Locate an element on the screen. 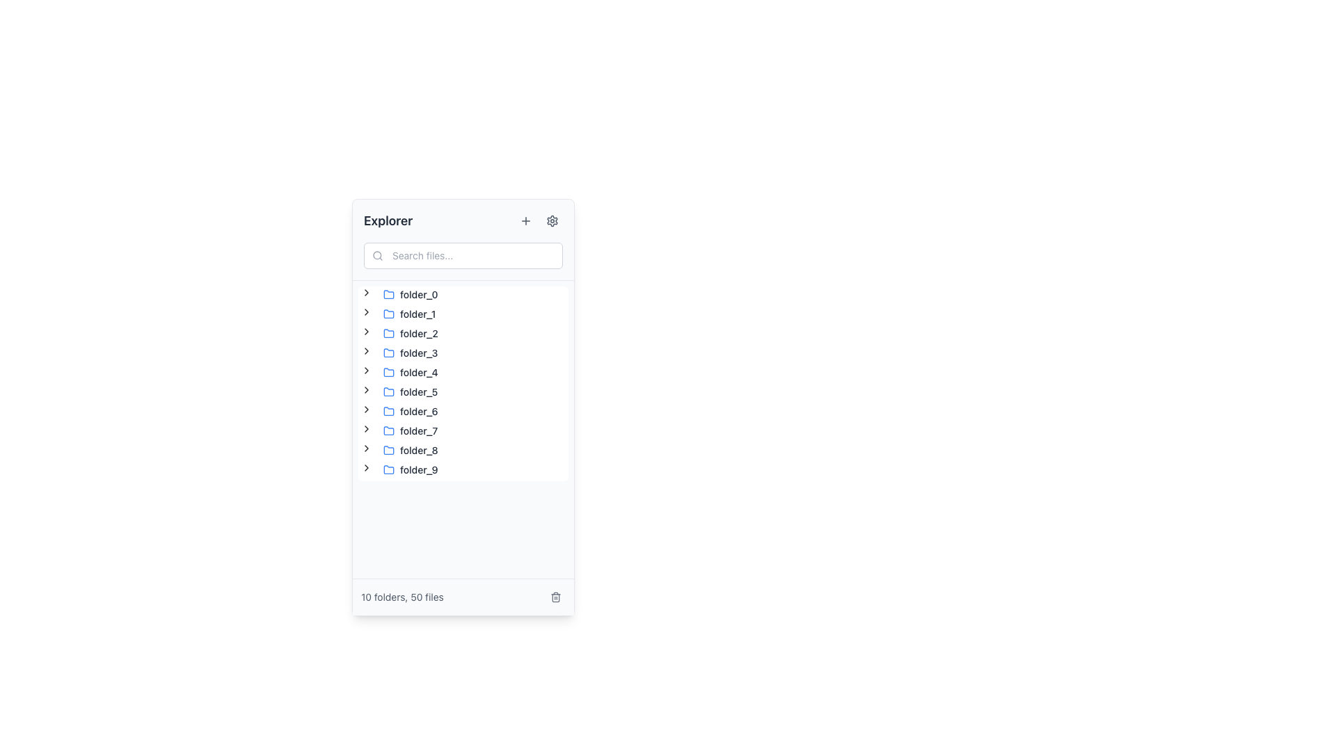 The height and width of the screenshot is (751, 1336). on the Chevron icon next is located at coordinates (367, 467).